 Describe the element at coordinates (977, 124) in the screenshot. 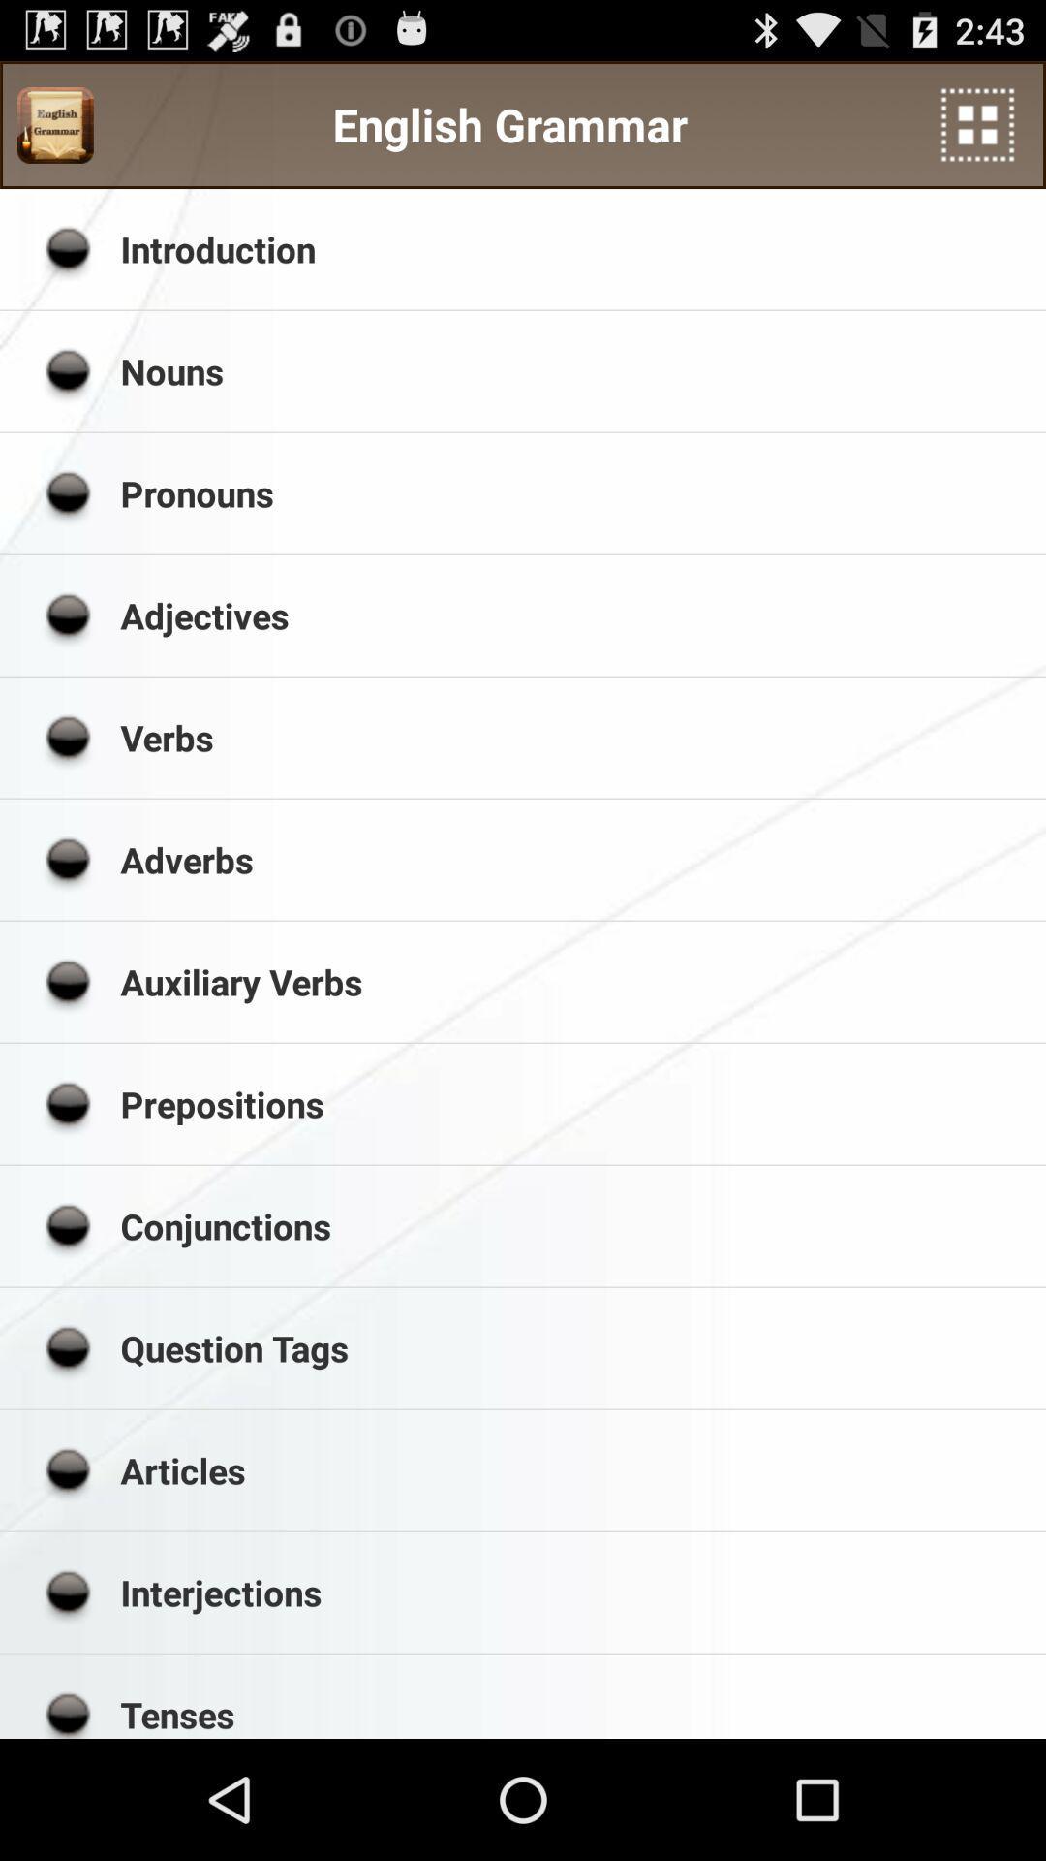

I see `the button at the top right corner` at that location.